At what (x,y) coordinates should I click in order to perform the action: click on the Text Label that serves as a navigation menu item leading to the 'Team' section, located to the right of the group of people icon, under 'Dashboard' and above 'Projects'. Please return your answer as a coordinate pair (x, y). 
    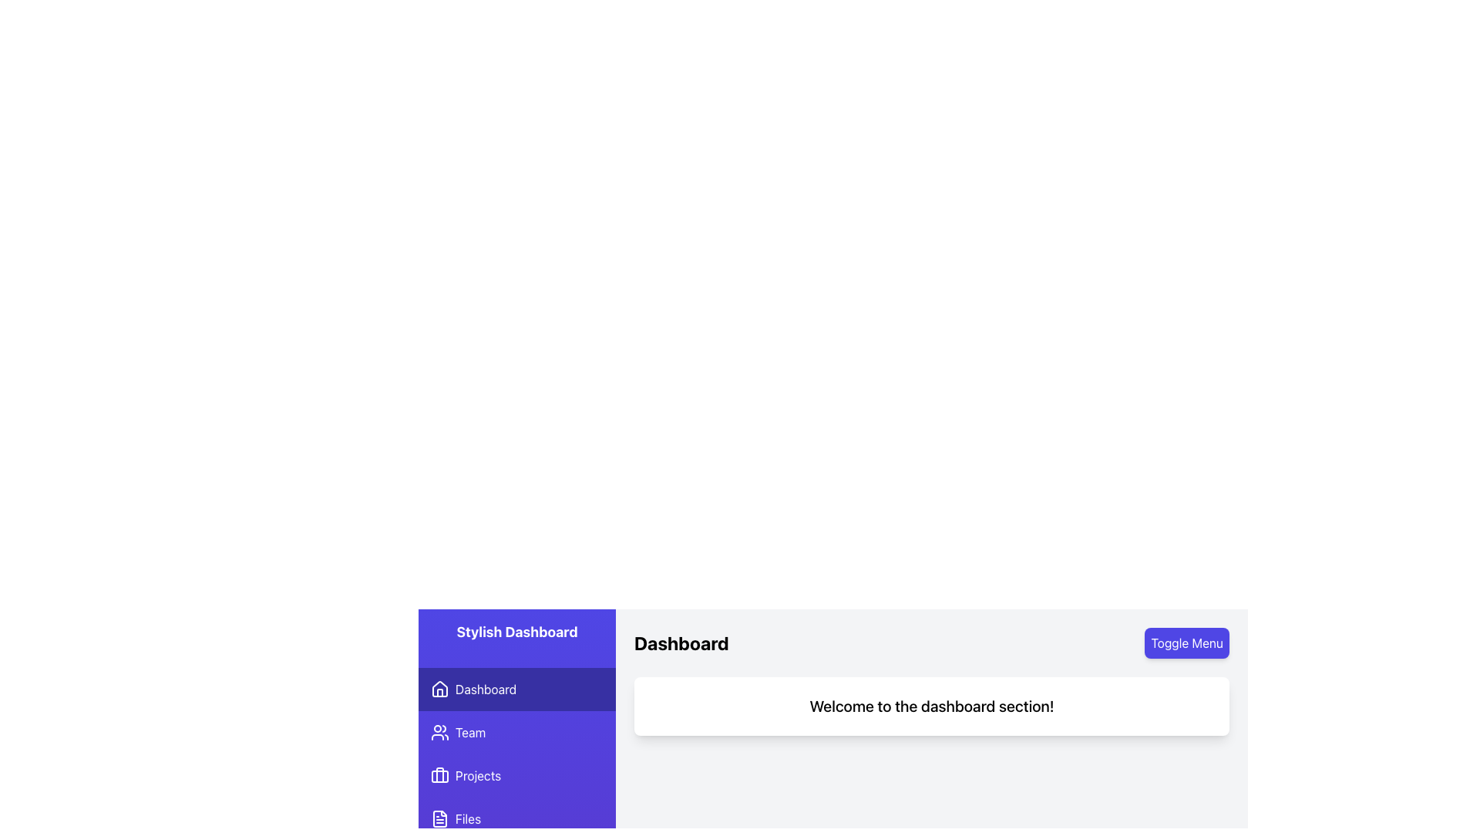
    Looking at the image, I should click on (469, 731).